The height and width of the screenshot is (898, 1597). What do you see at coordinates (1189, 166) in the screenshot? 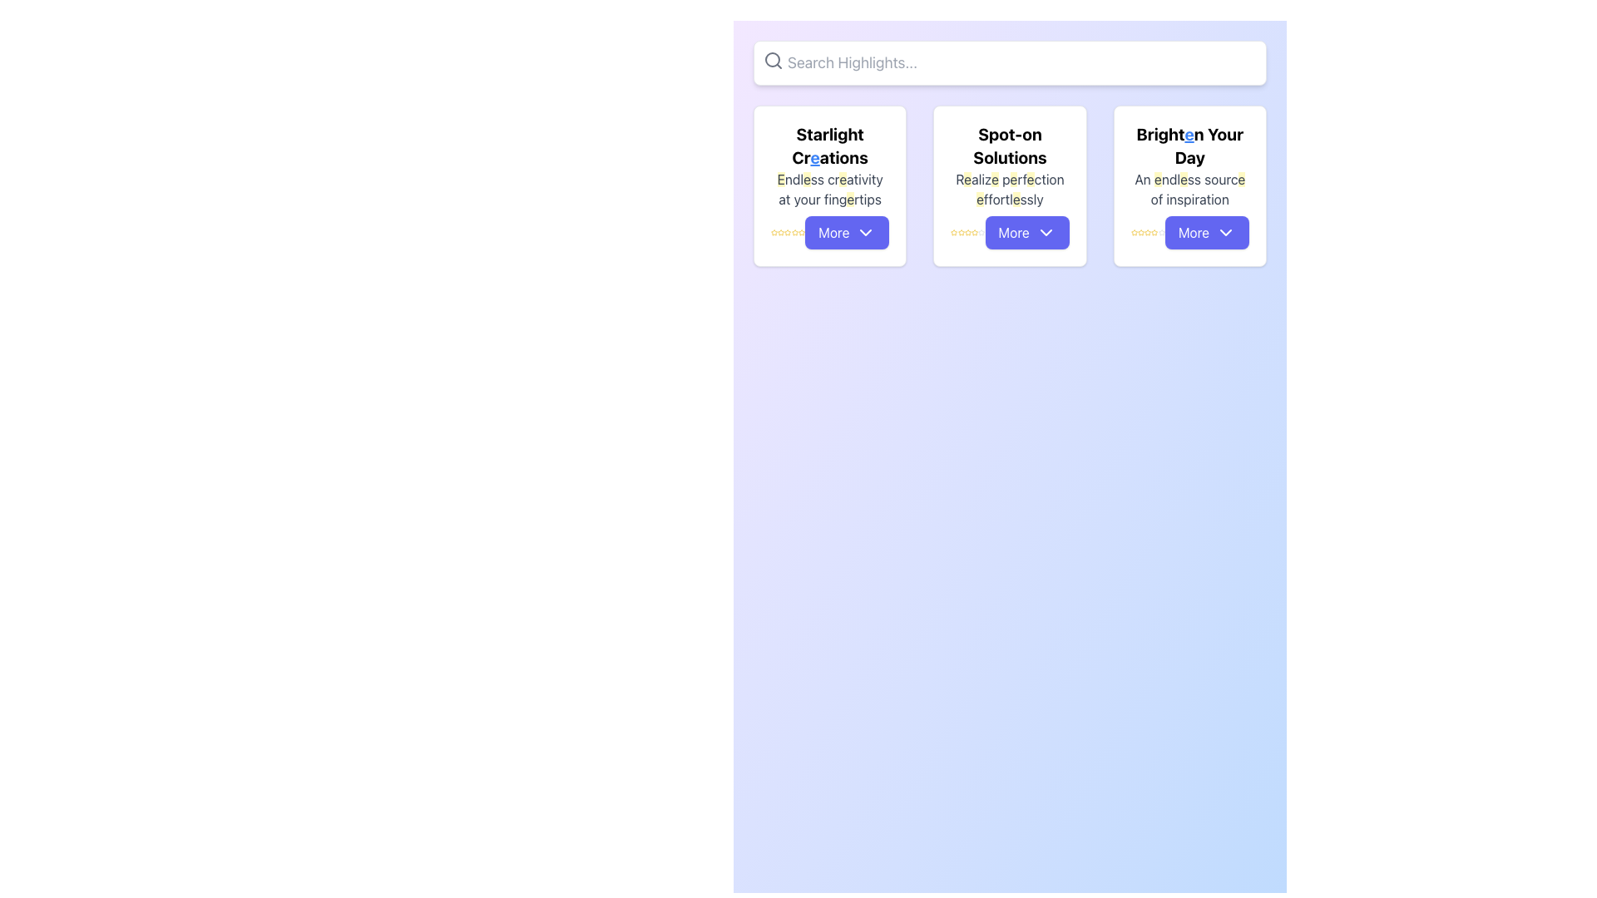
I see `text content of the header labeled 'Brighten Your Day' and its tagline 'An endless source of inspiration', which is displayed in a white card with rounded corners and shadowing, positioned in the rightmost of three similar cards` at bounding box center [1189, 166].